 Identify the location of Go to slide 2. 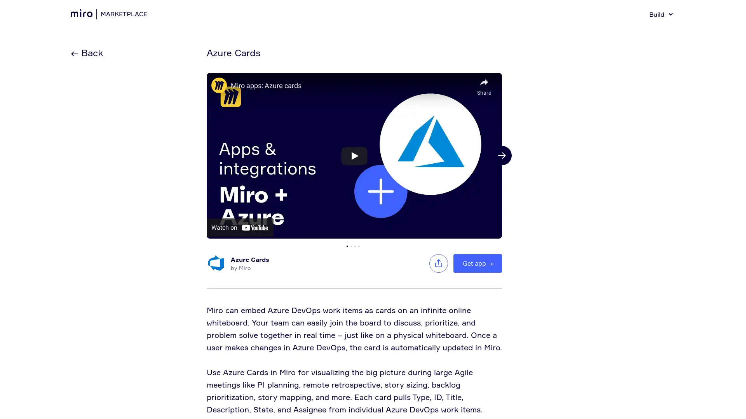
(350, 246).